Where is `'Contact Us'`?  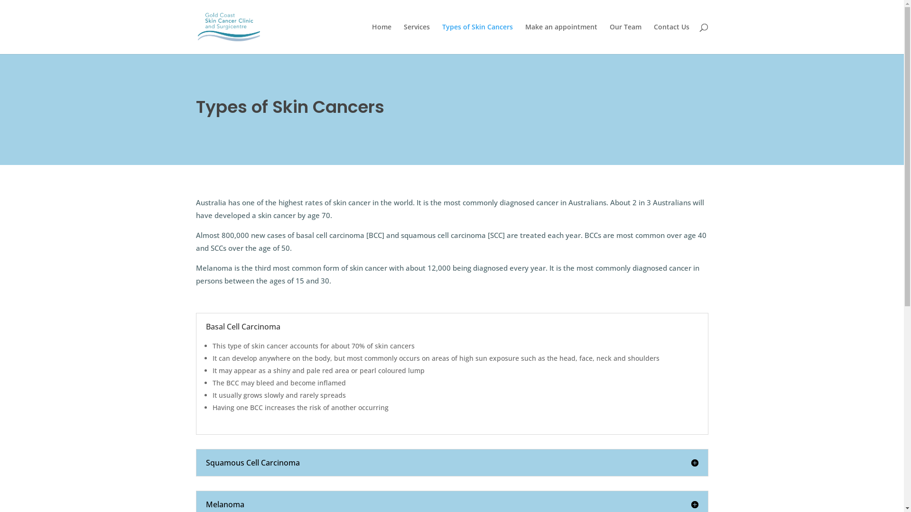
'Contact Us' is located at coordinates (671, 38).